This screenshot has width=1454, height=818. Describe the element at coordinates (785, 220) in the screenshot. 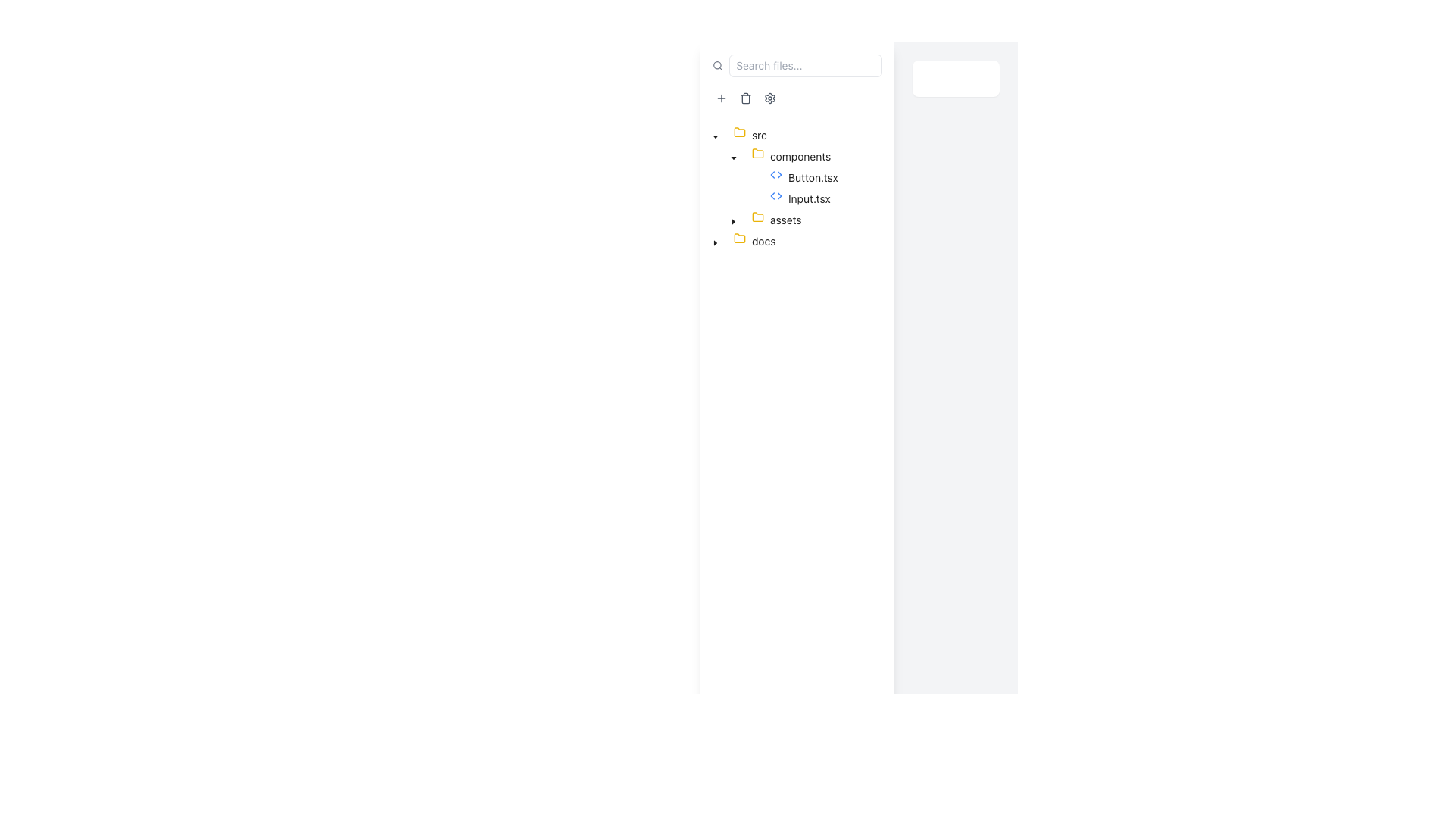

I see `the static text label representing the 'assets' directory in the file tree` at that location.